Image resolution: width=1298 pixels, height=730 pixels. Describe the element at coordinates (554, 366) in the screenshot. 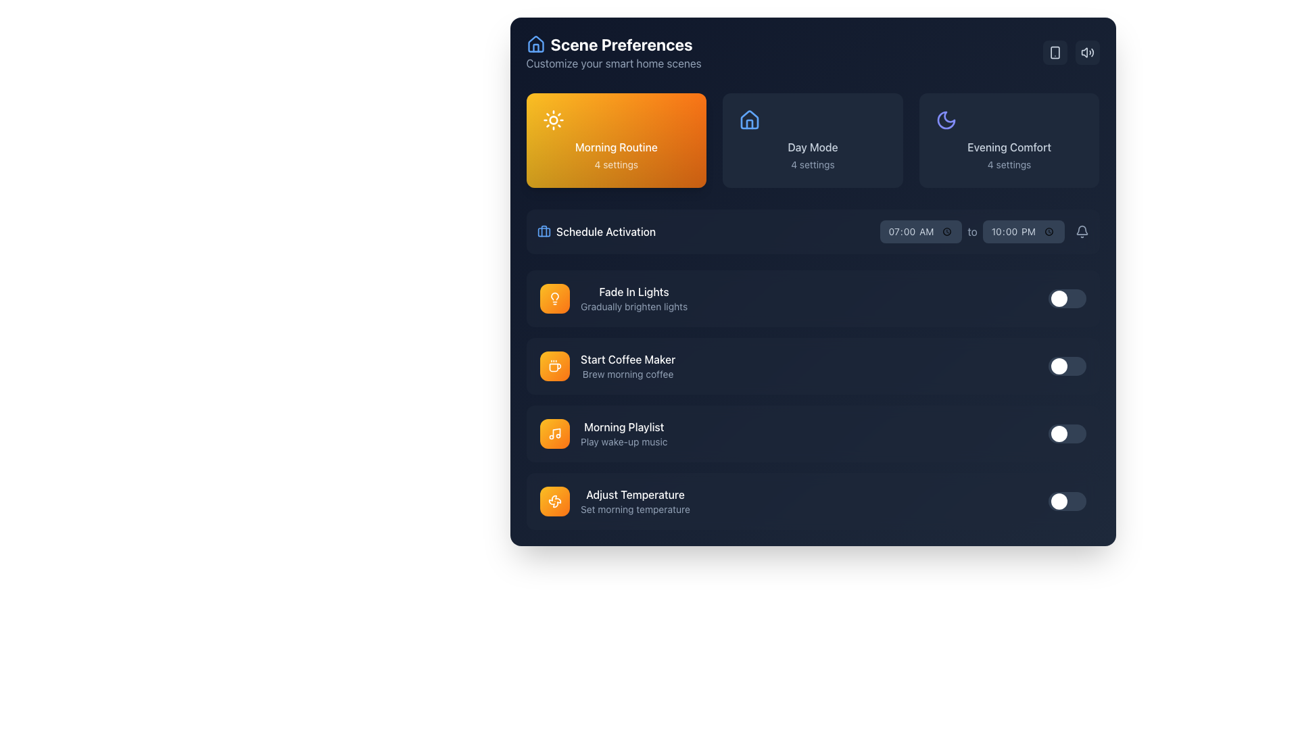

I see `the 'Start Coffee Maker' button located on the left side of its section to interact with it` at that location.